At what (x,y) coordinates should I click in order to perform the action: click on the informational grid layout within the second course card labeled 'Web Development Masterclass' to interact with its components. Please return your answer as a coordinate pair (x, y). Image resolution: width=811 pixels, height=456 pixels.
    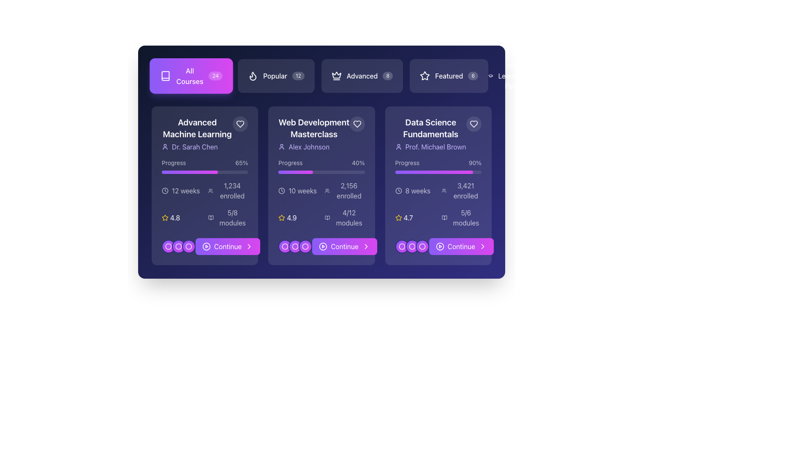
    Looking at the image, I should click on (321, 204).